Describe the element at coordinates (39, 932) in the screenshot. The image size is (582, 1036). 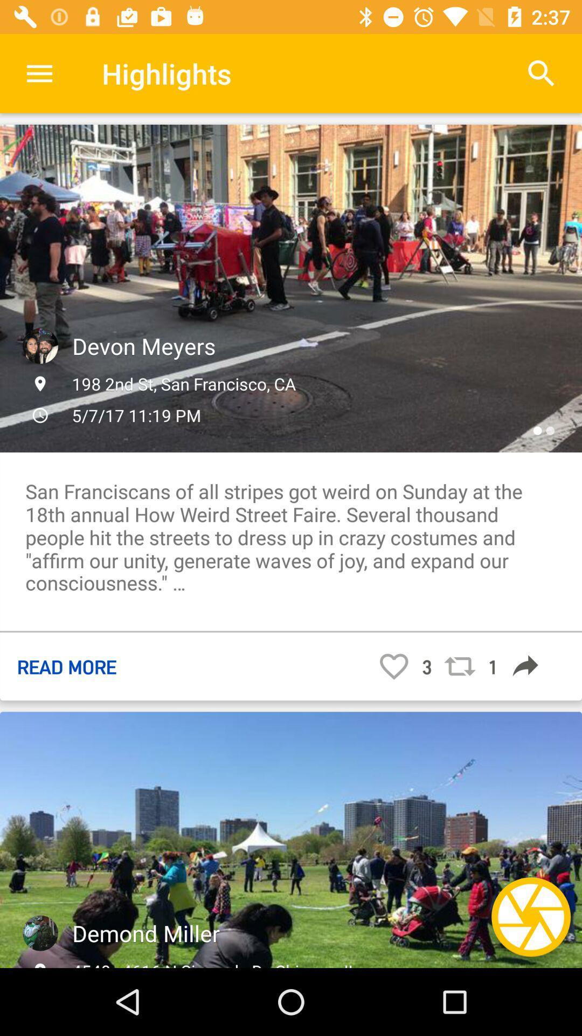
I see `the image which is to the left side of demond miller` at that location.